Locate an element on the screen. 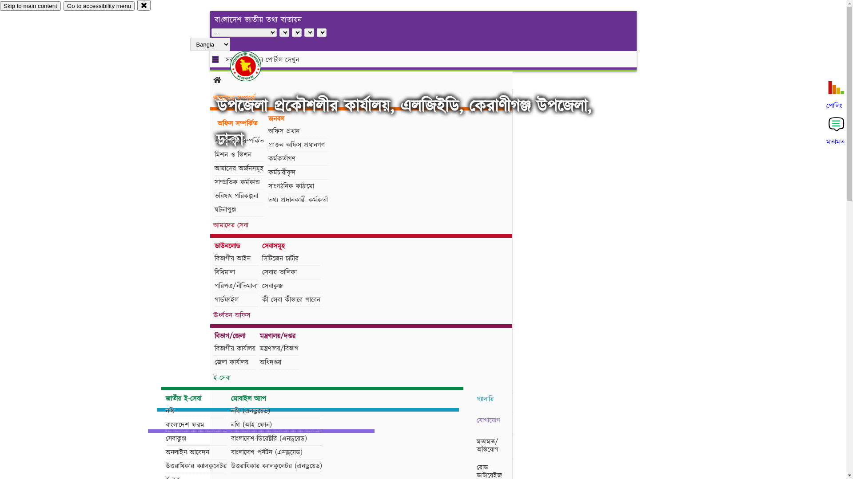  'Go to accessibility menu' is located at coordinates (99, 6).